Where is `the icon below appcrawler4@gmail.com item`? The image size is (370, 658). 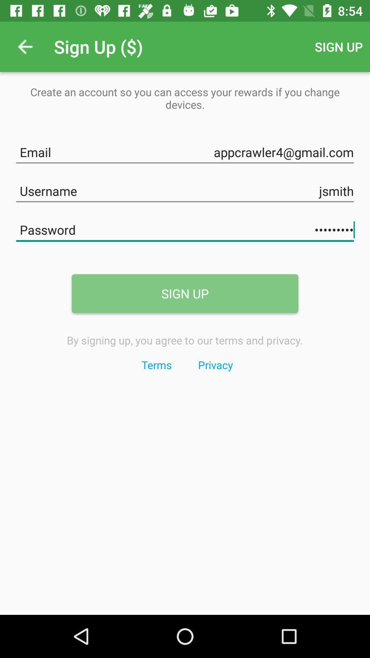 the icon below appcrawler4@gmail.com item is located at coordinates (185, 190).